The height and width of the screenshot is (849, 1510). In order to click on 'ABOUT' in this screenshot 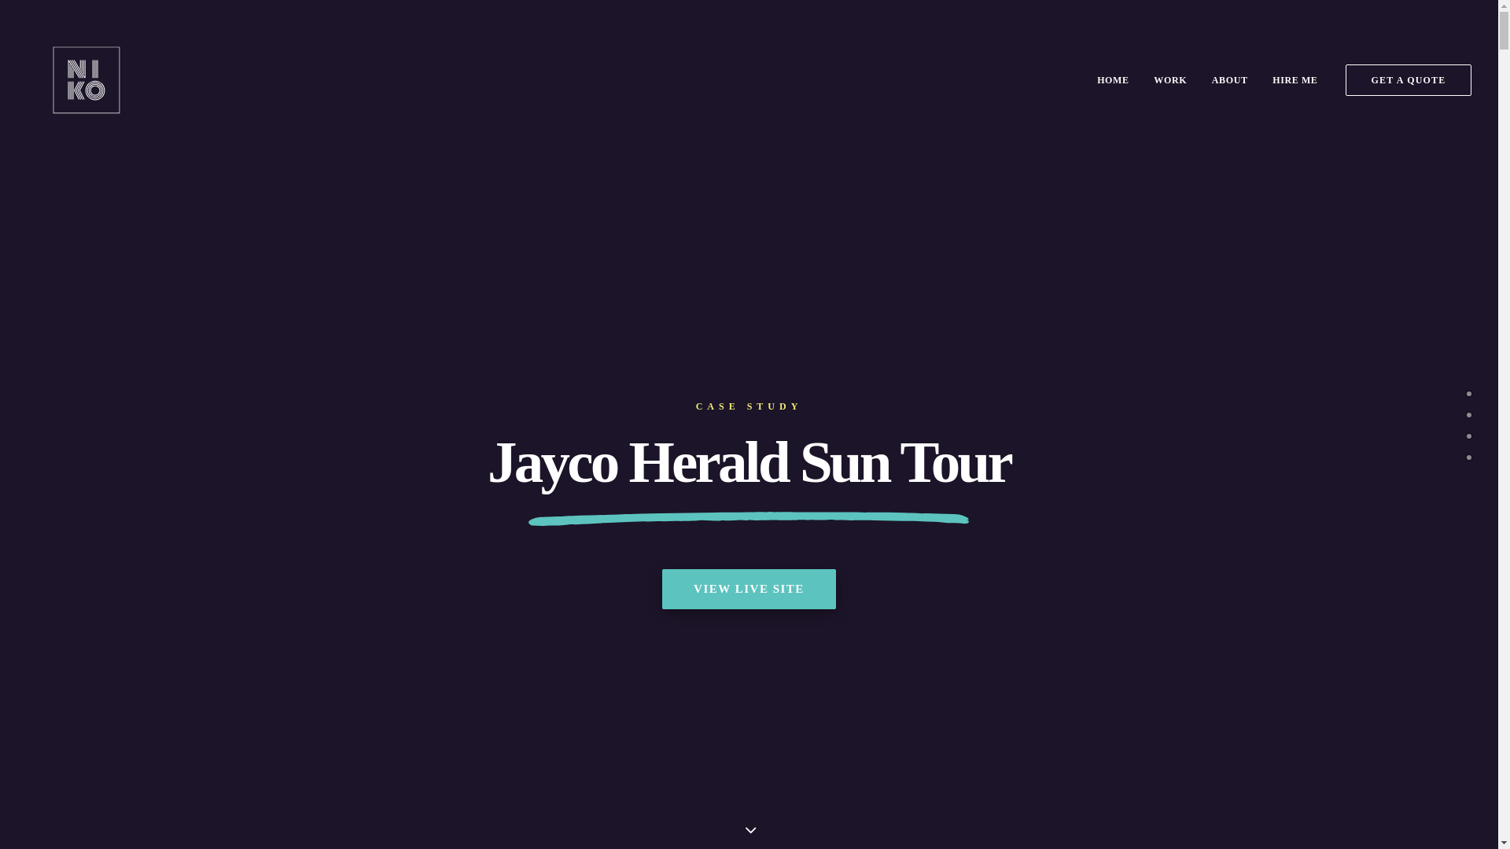, I will do `click(1229, 79)`.